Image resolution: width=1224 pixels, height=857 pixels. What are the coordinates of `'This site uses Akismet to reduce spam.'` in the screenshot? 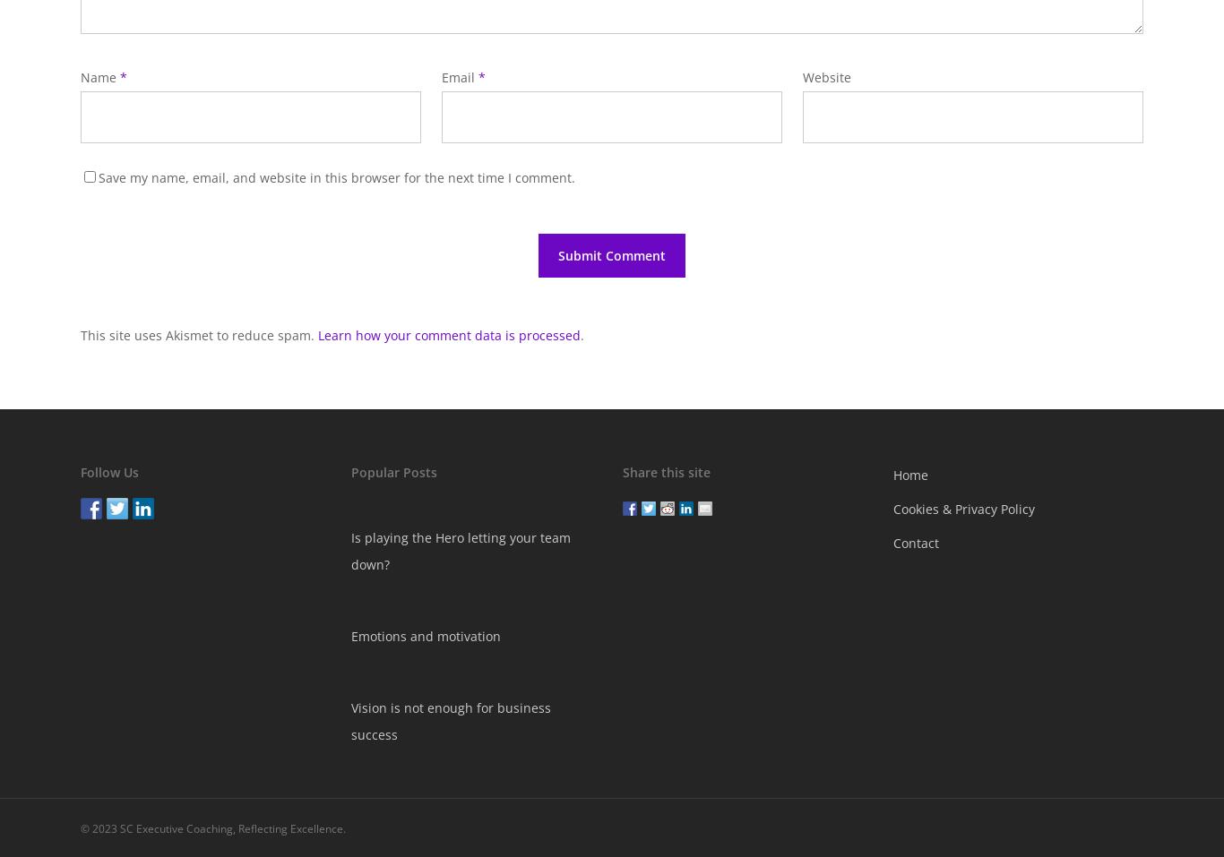 It's located at (198, 335).